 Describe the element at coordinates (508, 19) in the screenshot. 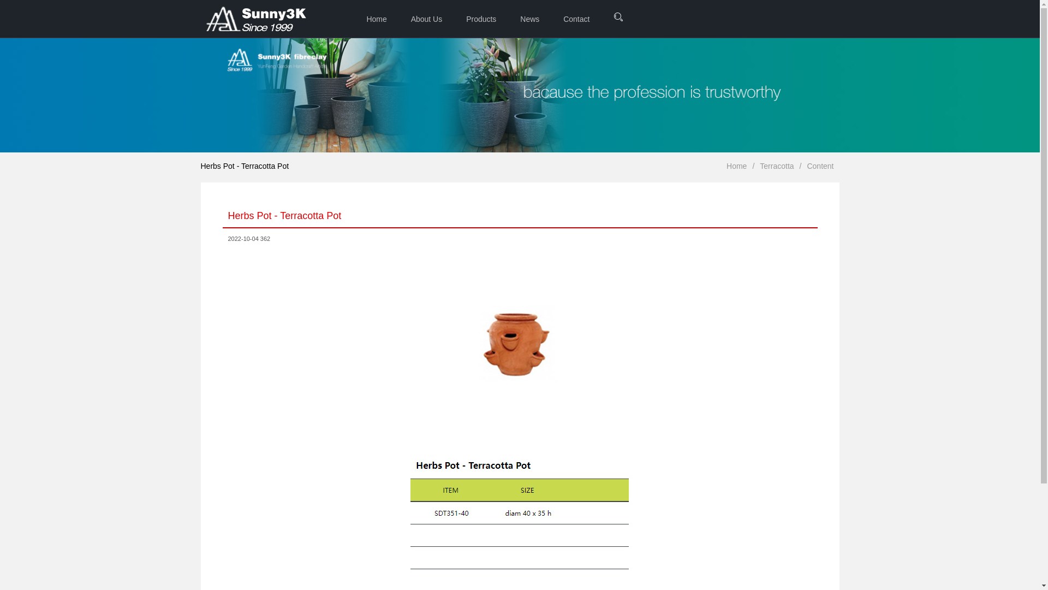

I see `'News'` at that location.